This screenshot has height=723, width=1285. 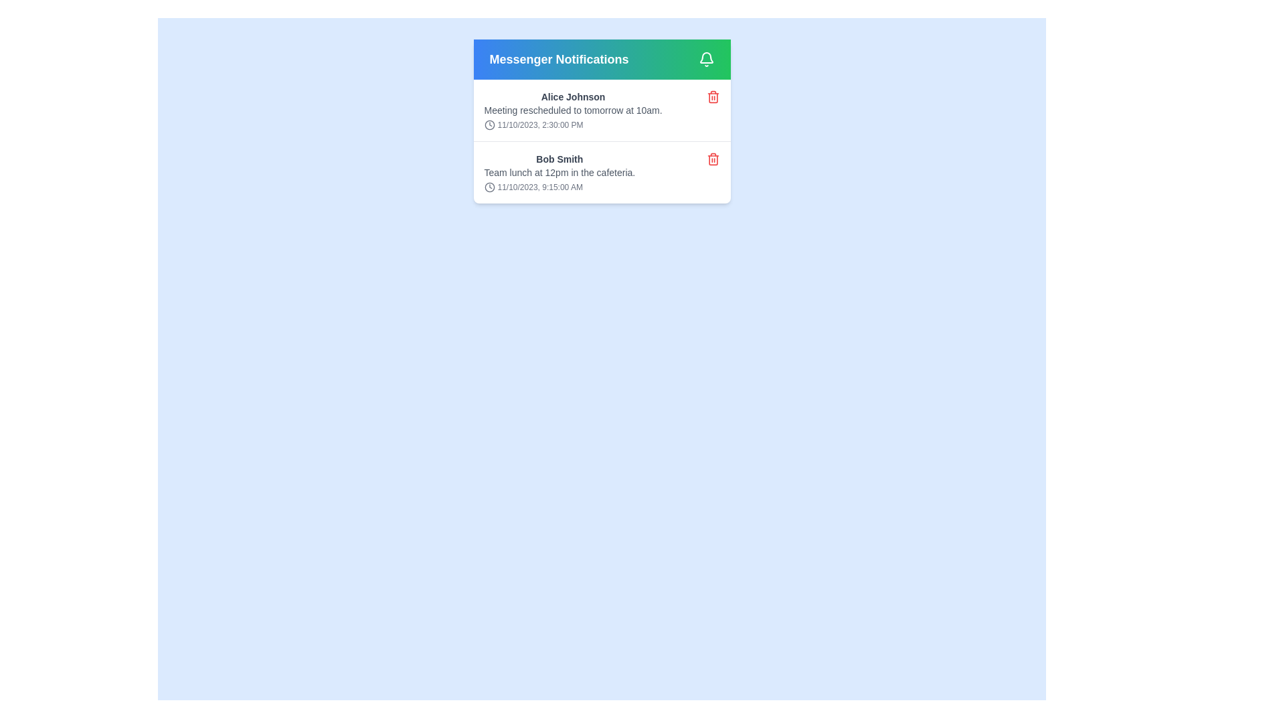 What do you see at coordinates (489, 125) in the screenshot?
I see `the circular clock icon with thin black outlines located to the left of the timestamp '11/10/2023, 2:30:00 PM' in the first notification card` at bounding box center [489, 125].